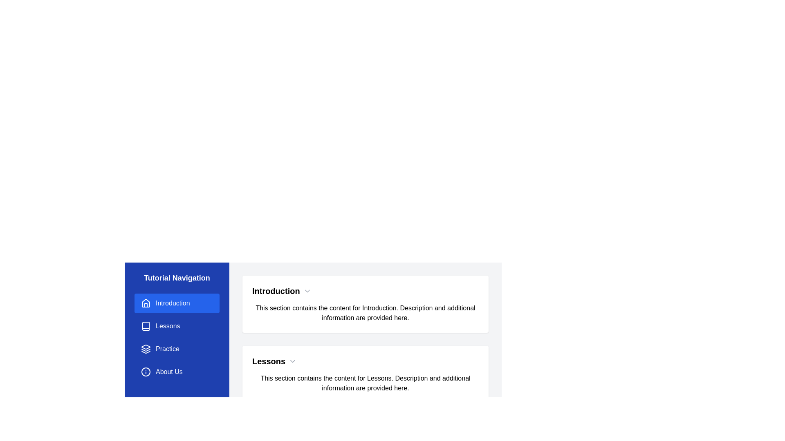 The height and width of the screenshot is (441, 785). What do you see at coordinates (146, 325) in the screenshot?
I see `the 'Lessons' icon in the vertical navigation menu on the left side of the page` at bounding box center [146, 325].